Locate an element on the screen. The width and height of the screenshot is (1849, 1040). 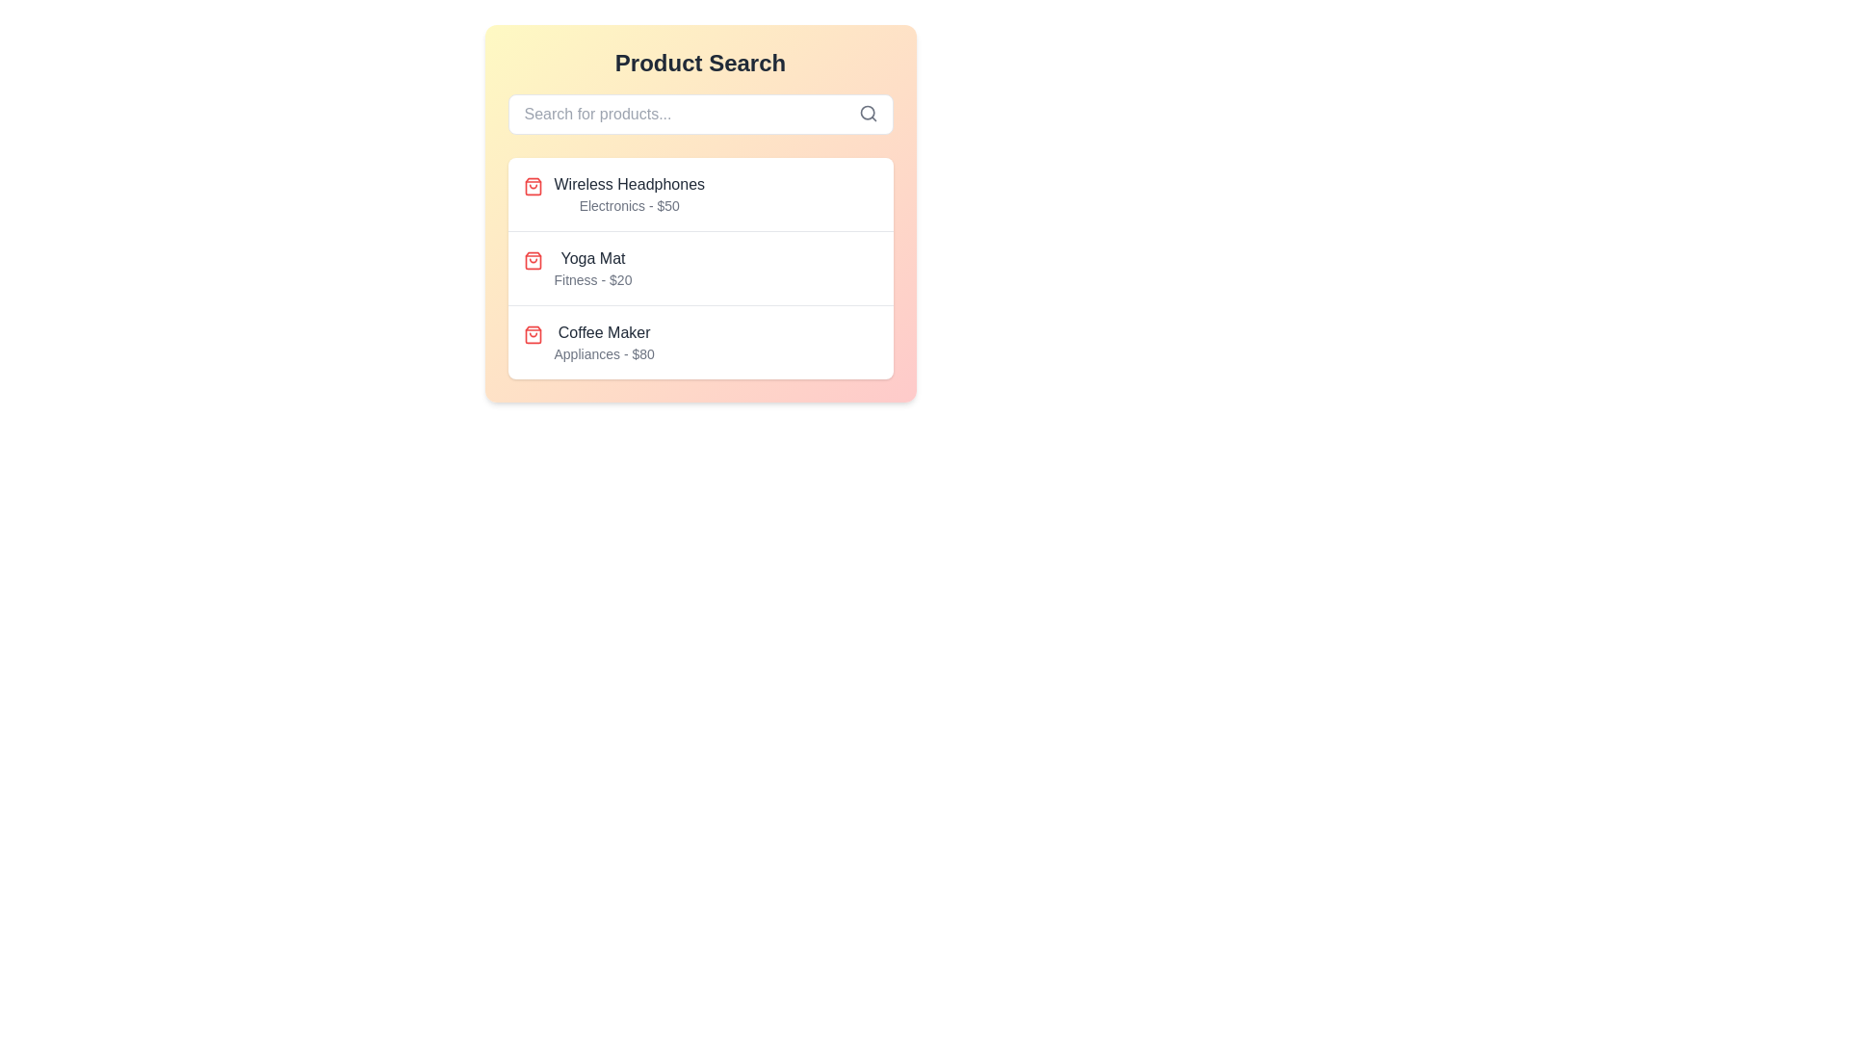
on the text block labeled 'Wireless Headphones' that contains the subtitle 'Electronics - $50' is located at coordinates (629, 194).